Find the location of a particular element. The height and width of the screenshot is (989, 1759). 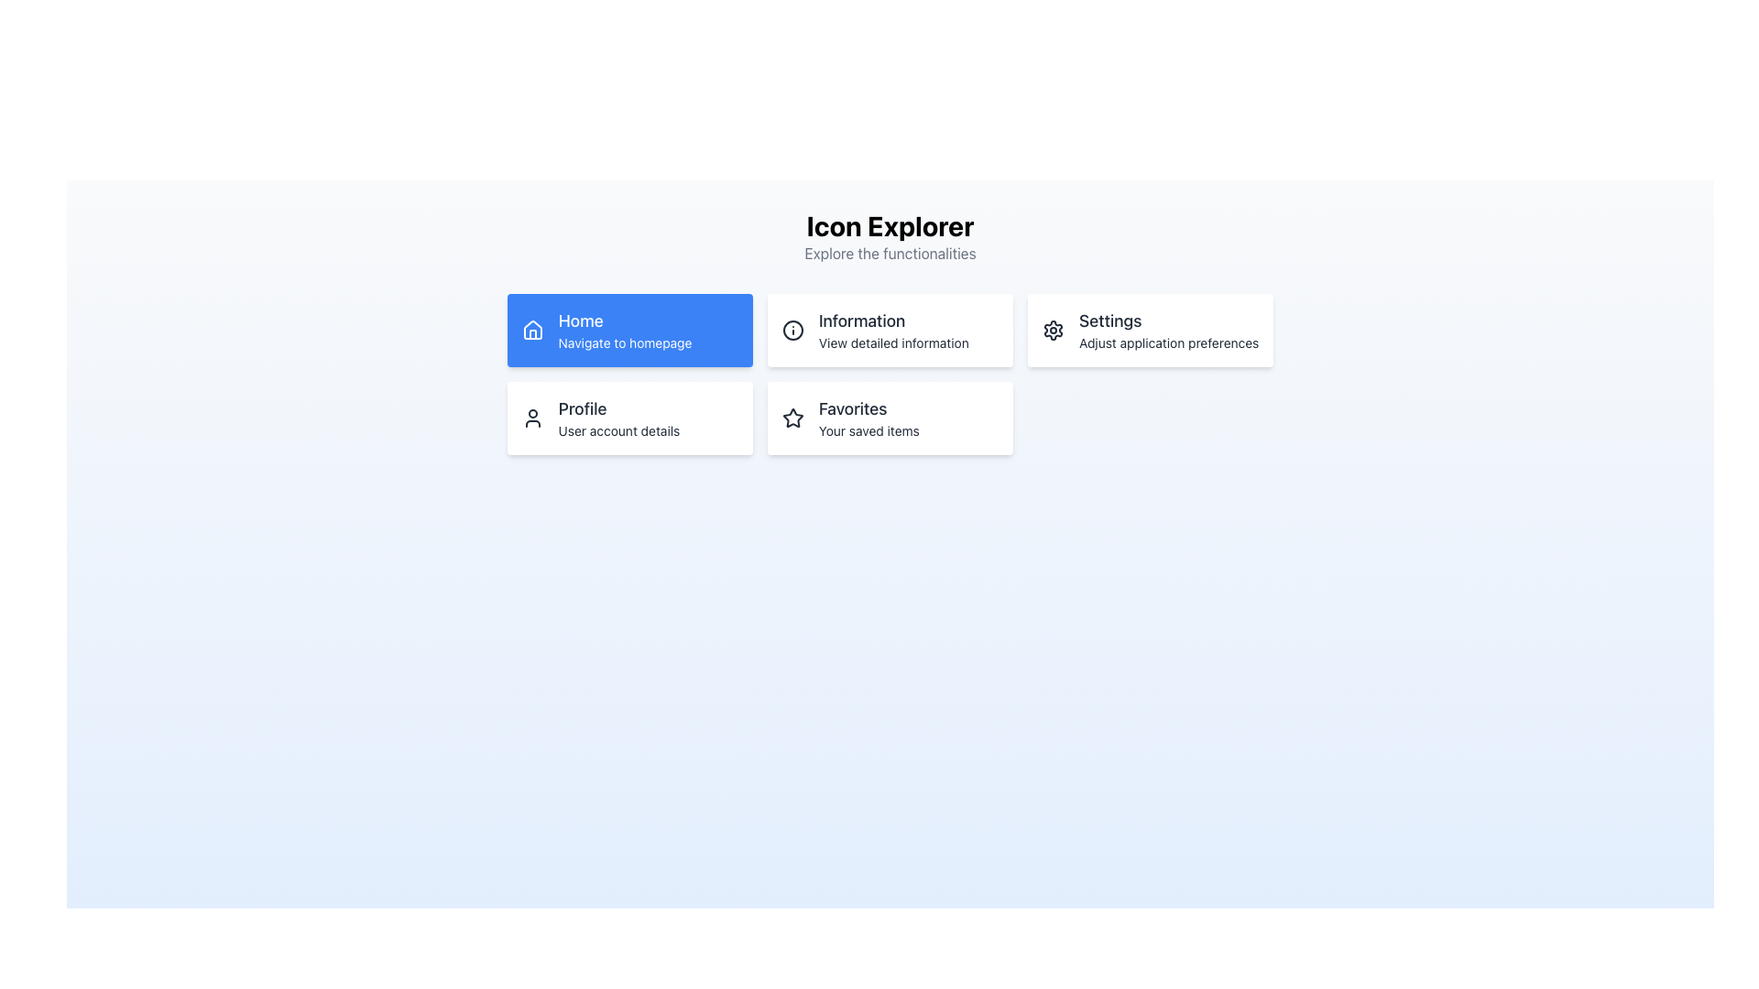

the descriptive Text Label located beneath the 'Profile' title in the left section of the interface is located at coordinates (619, 430).